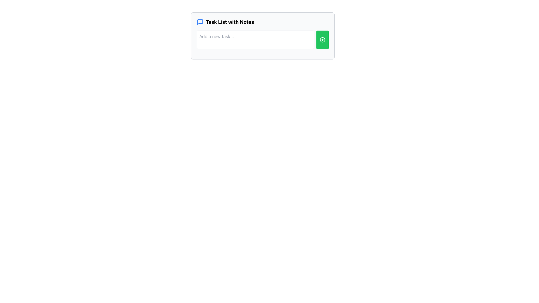 The height and width of the screenshot is (303, 539). Describe the element at coordinates (230, 22) in the screenshot. I see `the text heading 'Task List with Notes', which is displayed in a bold large font and positioned at the top center of a task management module` at that location.